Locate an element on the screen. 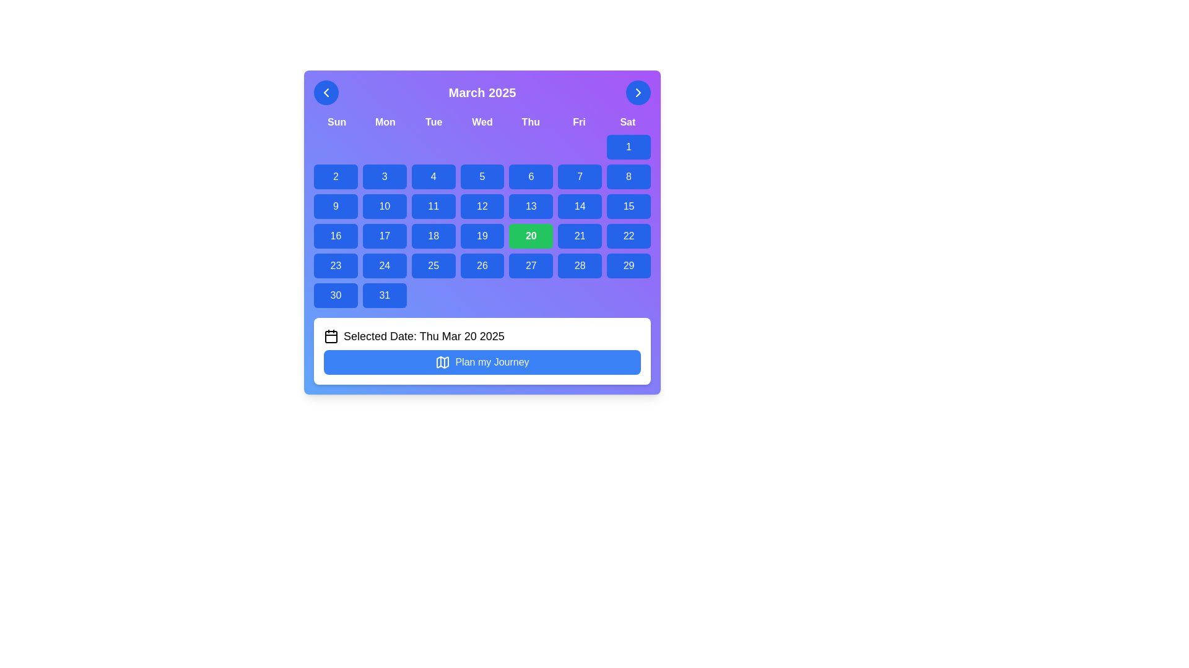 Image resolution: width=1189 pixels, height=668 pixels. the button that allows selection of the 7th day of the month, located in the second row and sixth column of the grid layout is located at coordinates (579, 176).